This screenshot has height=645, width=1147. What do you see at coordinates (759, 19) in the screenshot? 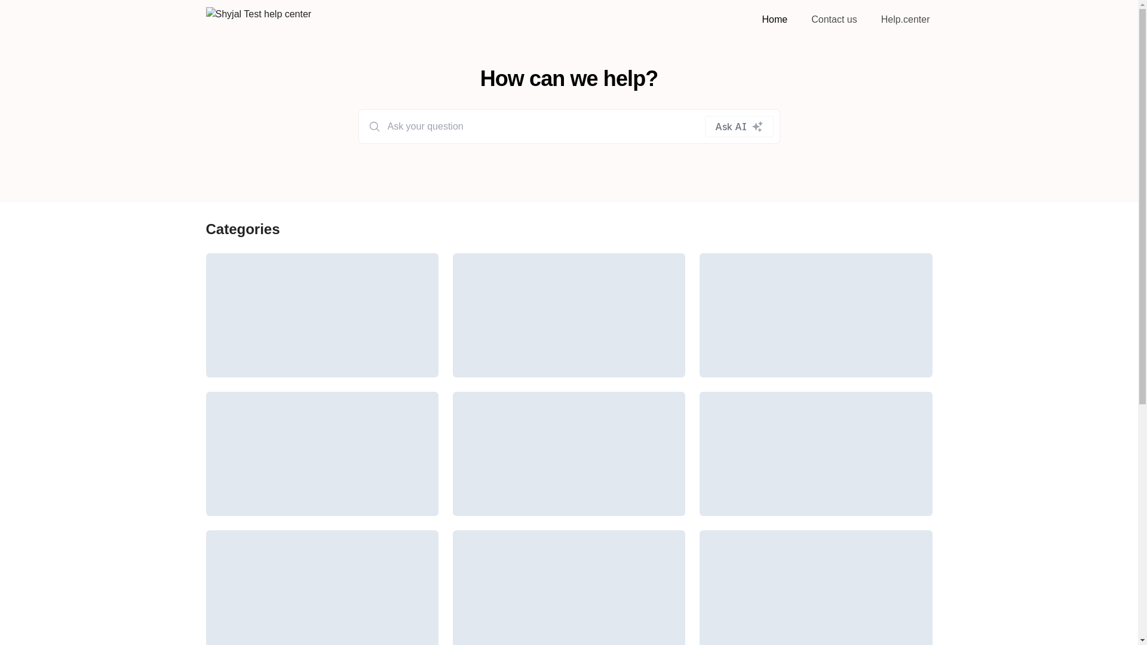
I see `'Home'` at bounding box center [759, 19].